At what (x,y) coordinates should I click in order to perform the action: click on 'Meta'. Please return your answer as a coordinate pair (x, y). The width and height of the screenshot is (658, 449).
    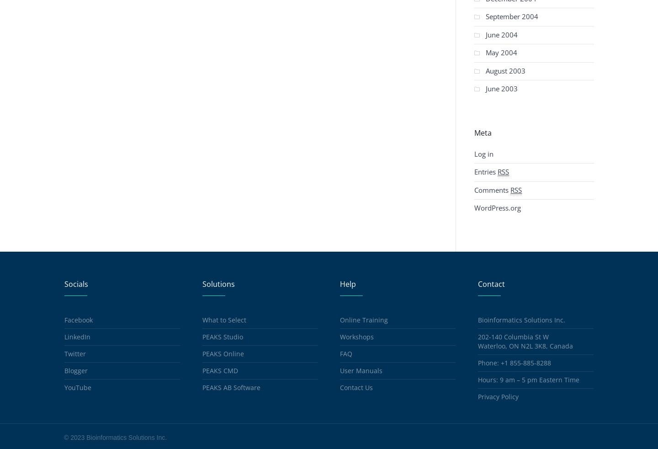
    Looking at the image, I should click on (474, 132).